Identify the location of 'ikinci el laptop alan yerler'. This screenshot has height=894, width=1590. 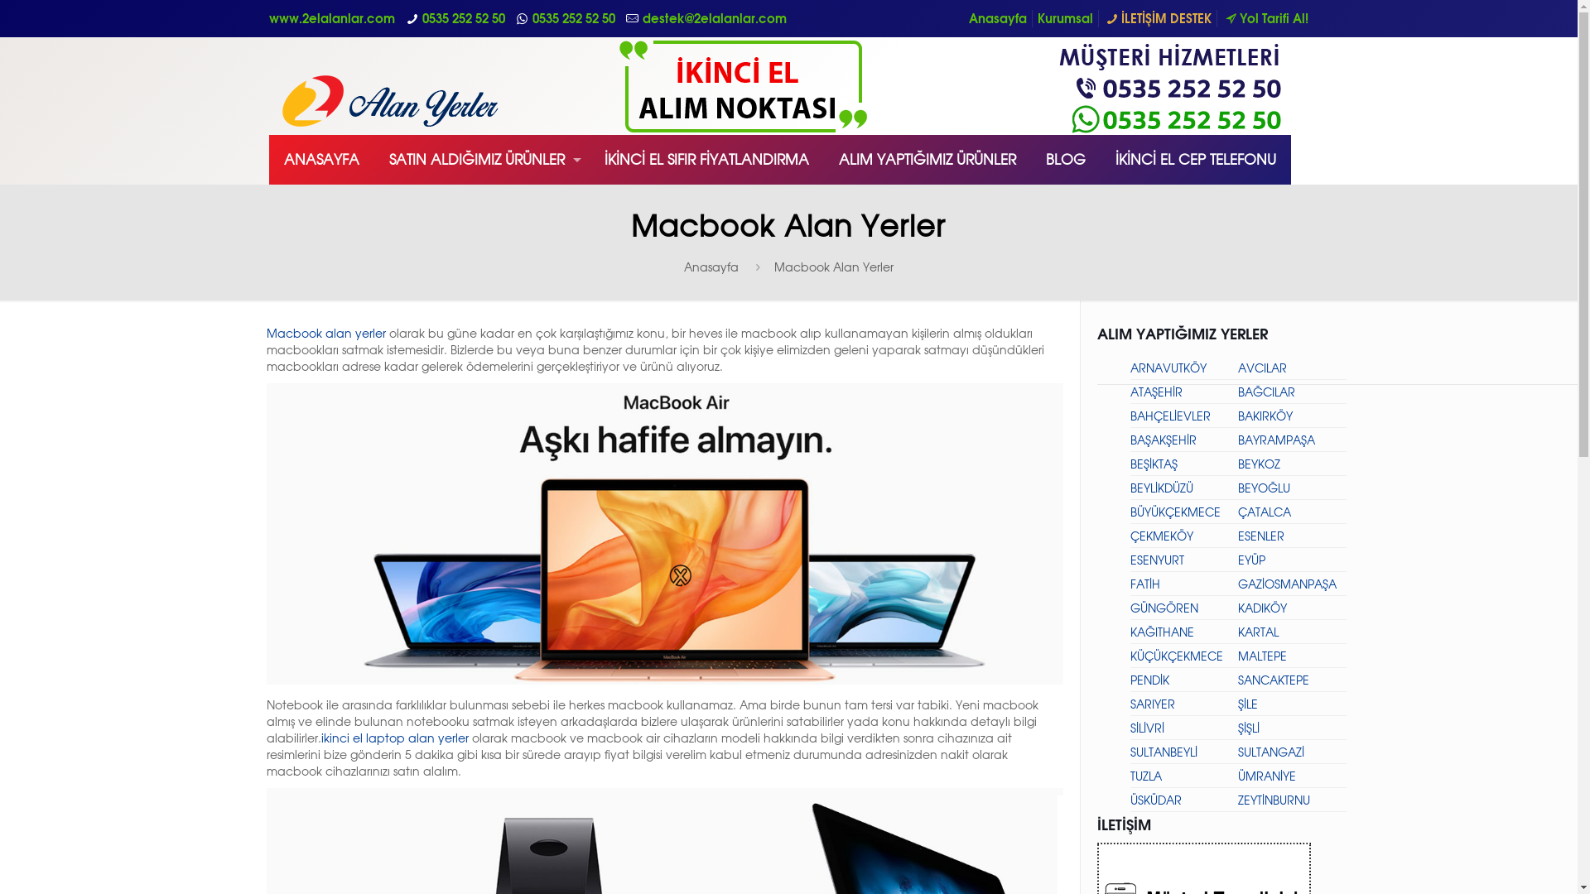
(393, 737).